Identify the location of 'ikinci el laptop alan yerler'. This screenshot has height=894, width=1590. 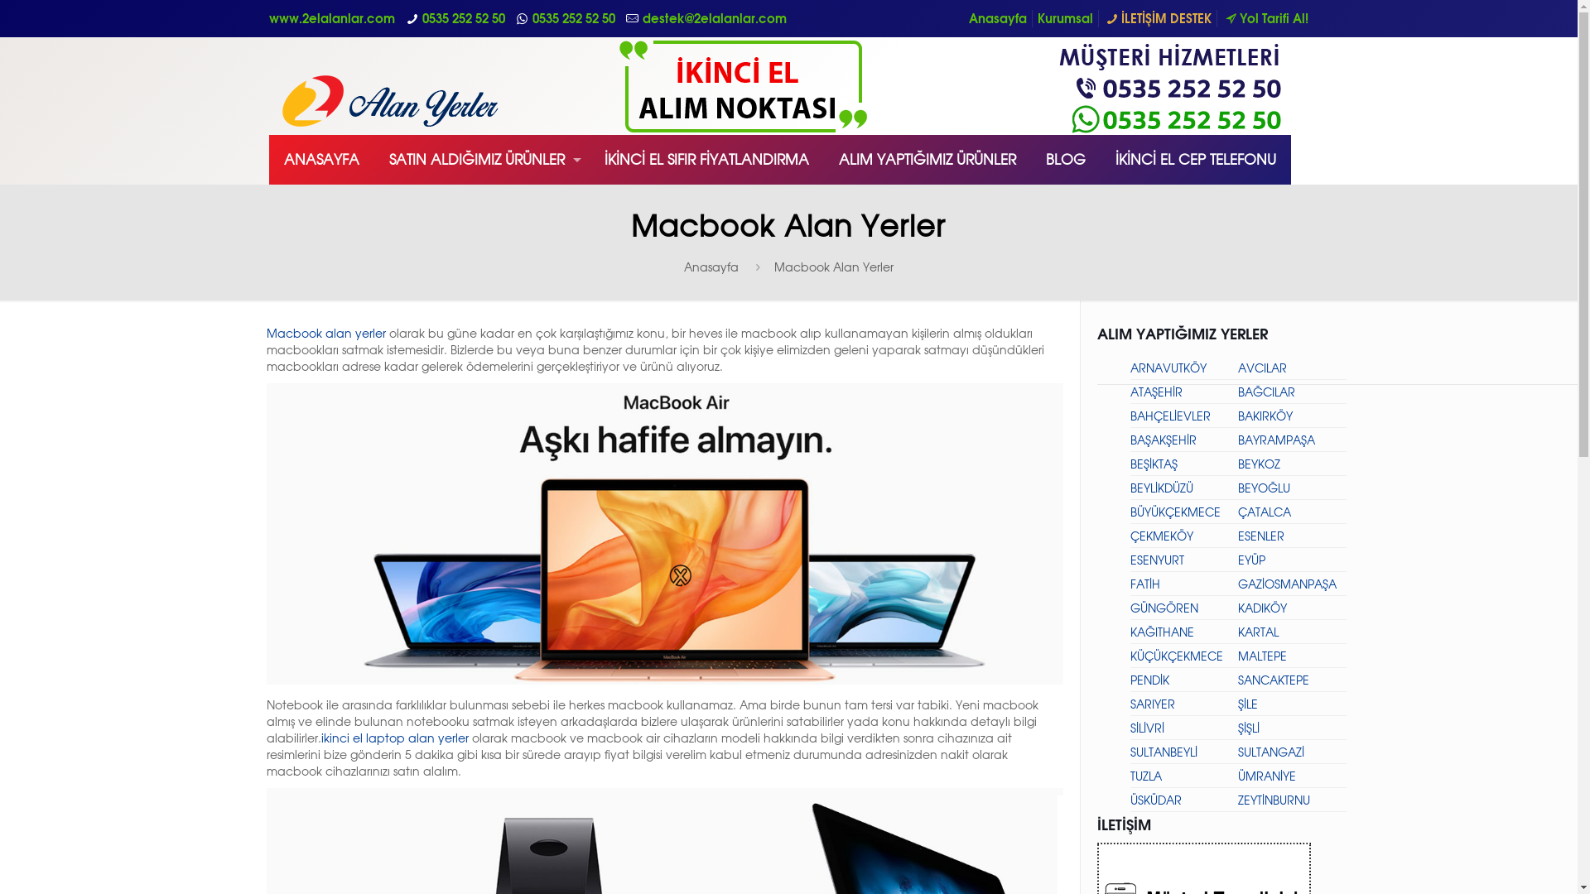
(393, 737).